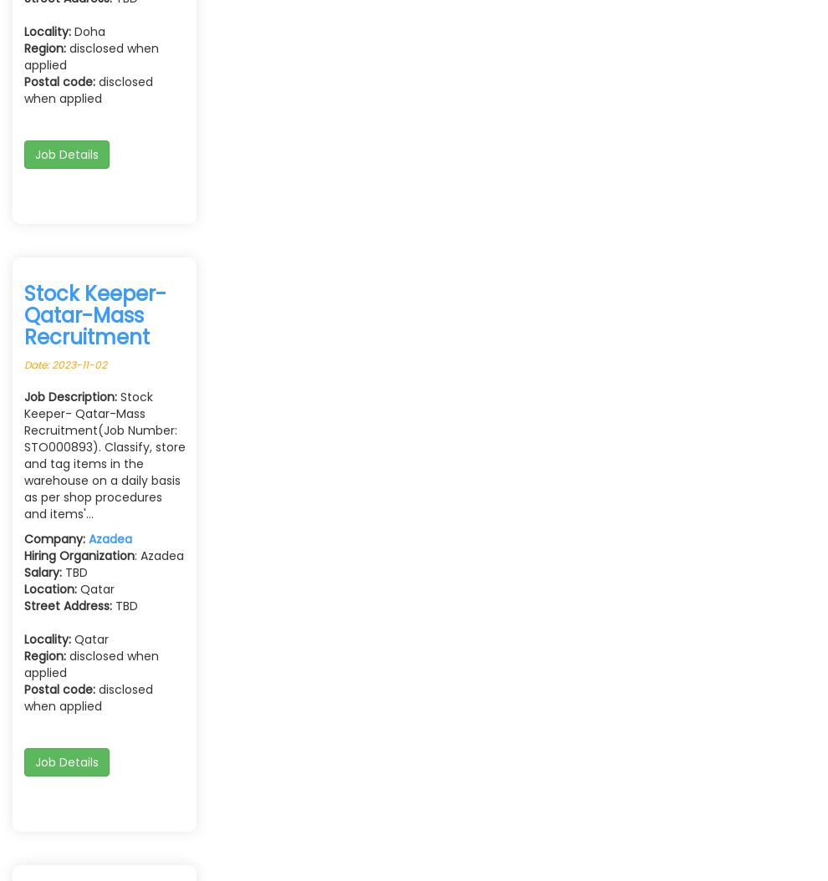  I want to click on 'Doha', so click(71, 30).